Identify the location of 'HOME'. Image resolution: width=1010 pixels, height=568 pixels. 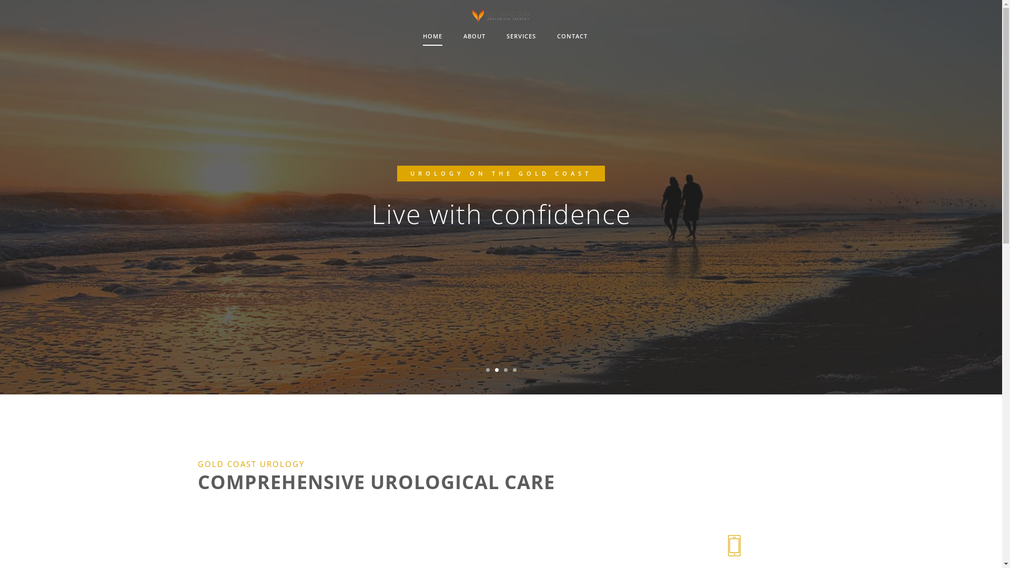
(432, 36).